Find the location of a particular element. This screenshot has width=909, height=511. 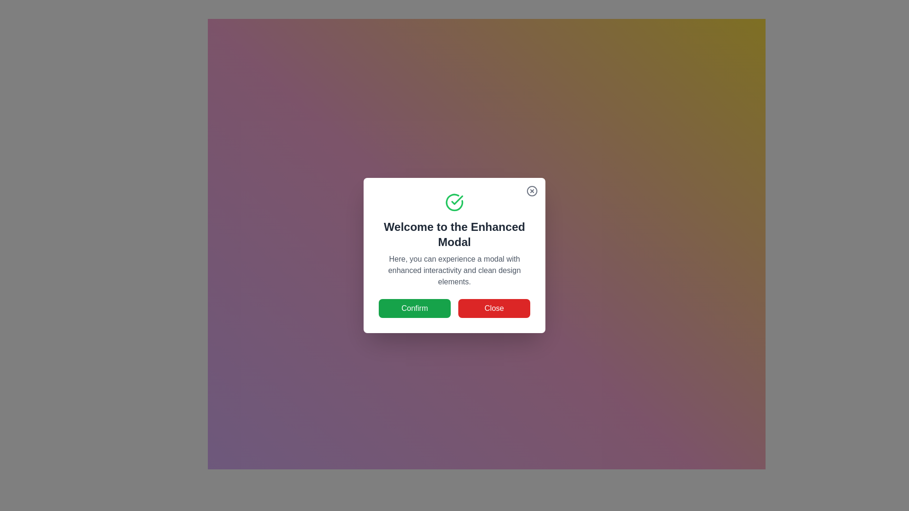

the close button located at the top-right corner of the modal is located at coordinates (532, 191).